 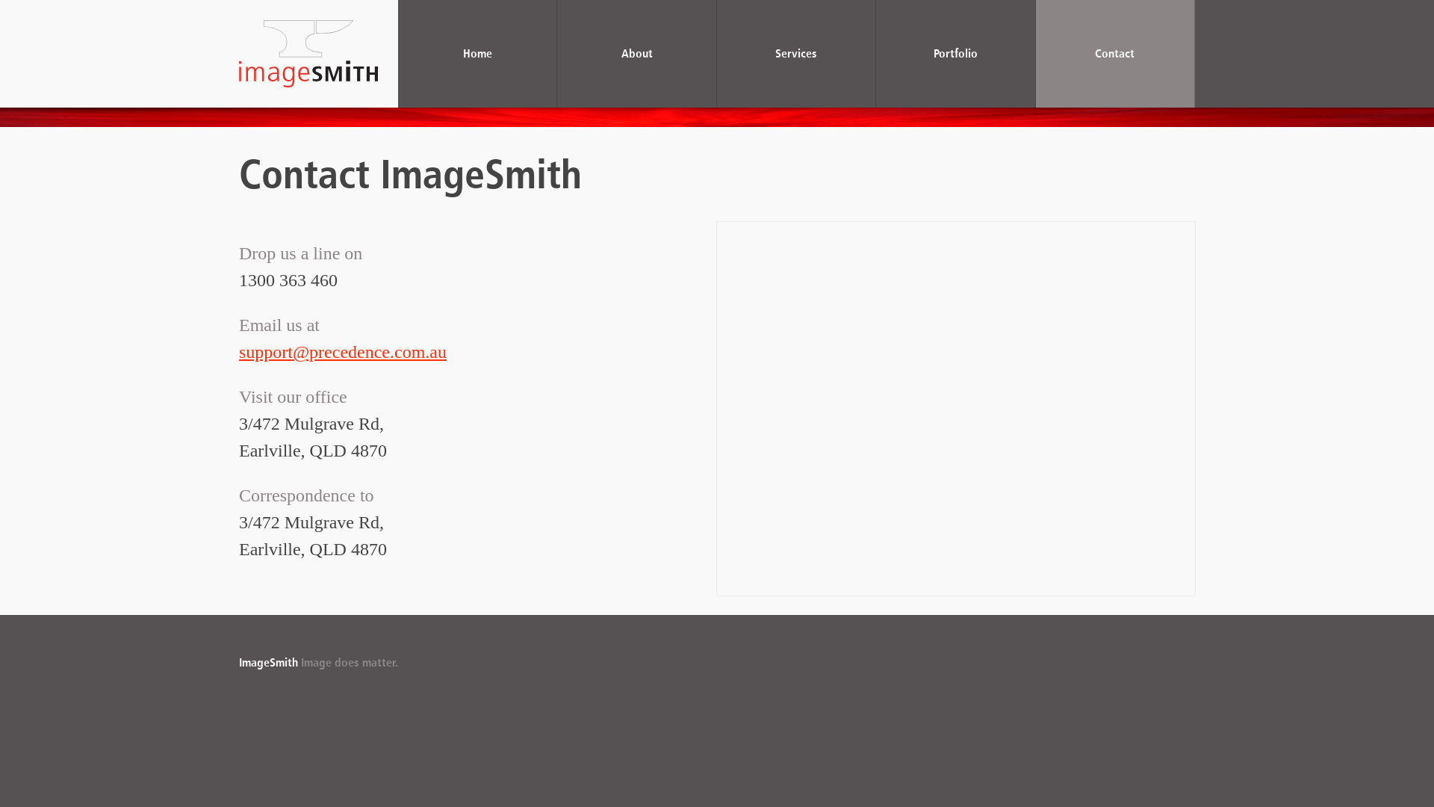 I want to click on 'Contact', so click(x=1115, y=53).